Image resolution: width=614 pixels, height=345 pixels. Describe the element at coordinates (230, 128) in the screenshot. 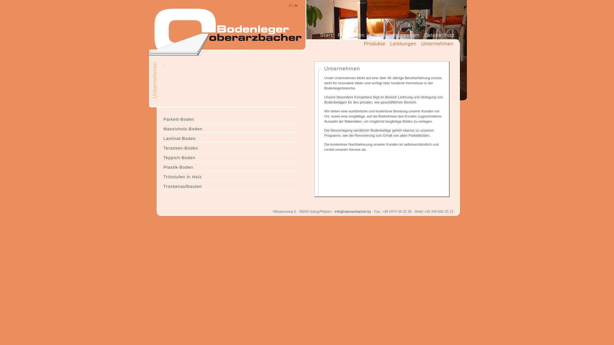

I see `'Massivholz-Boden'` at that location.